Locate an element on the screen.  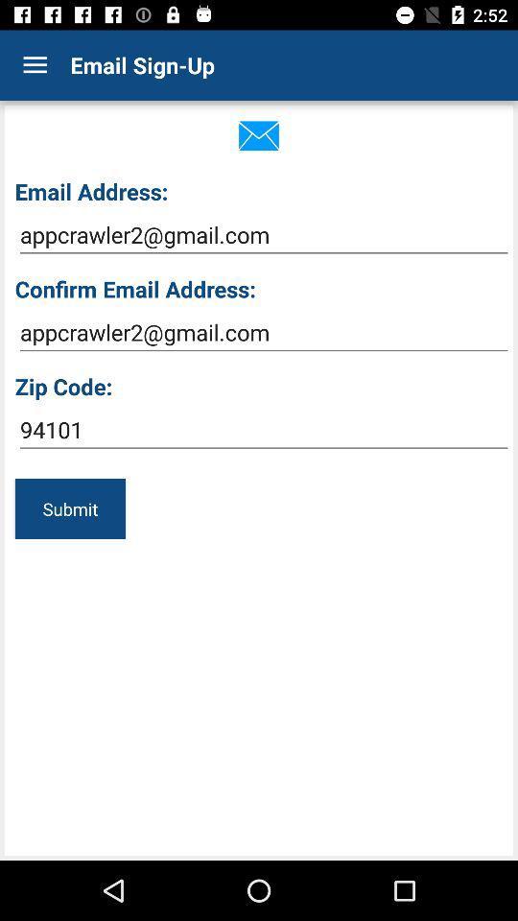
item next to the email sign-up is located at coordinates (35, 65).